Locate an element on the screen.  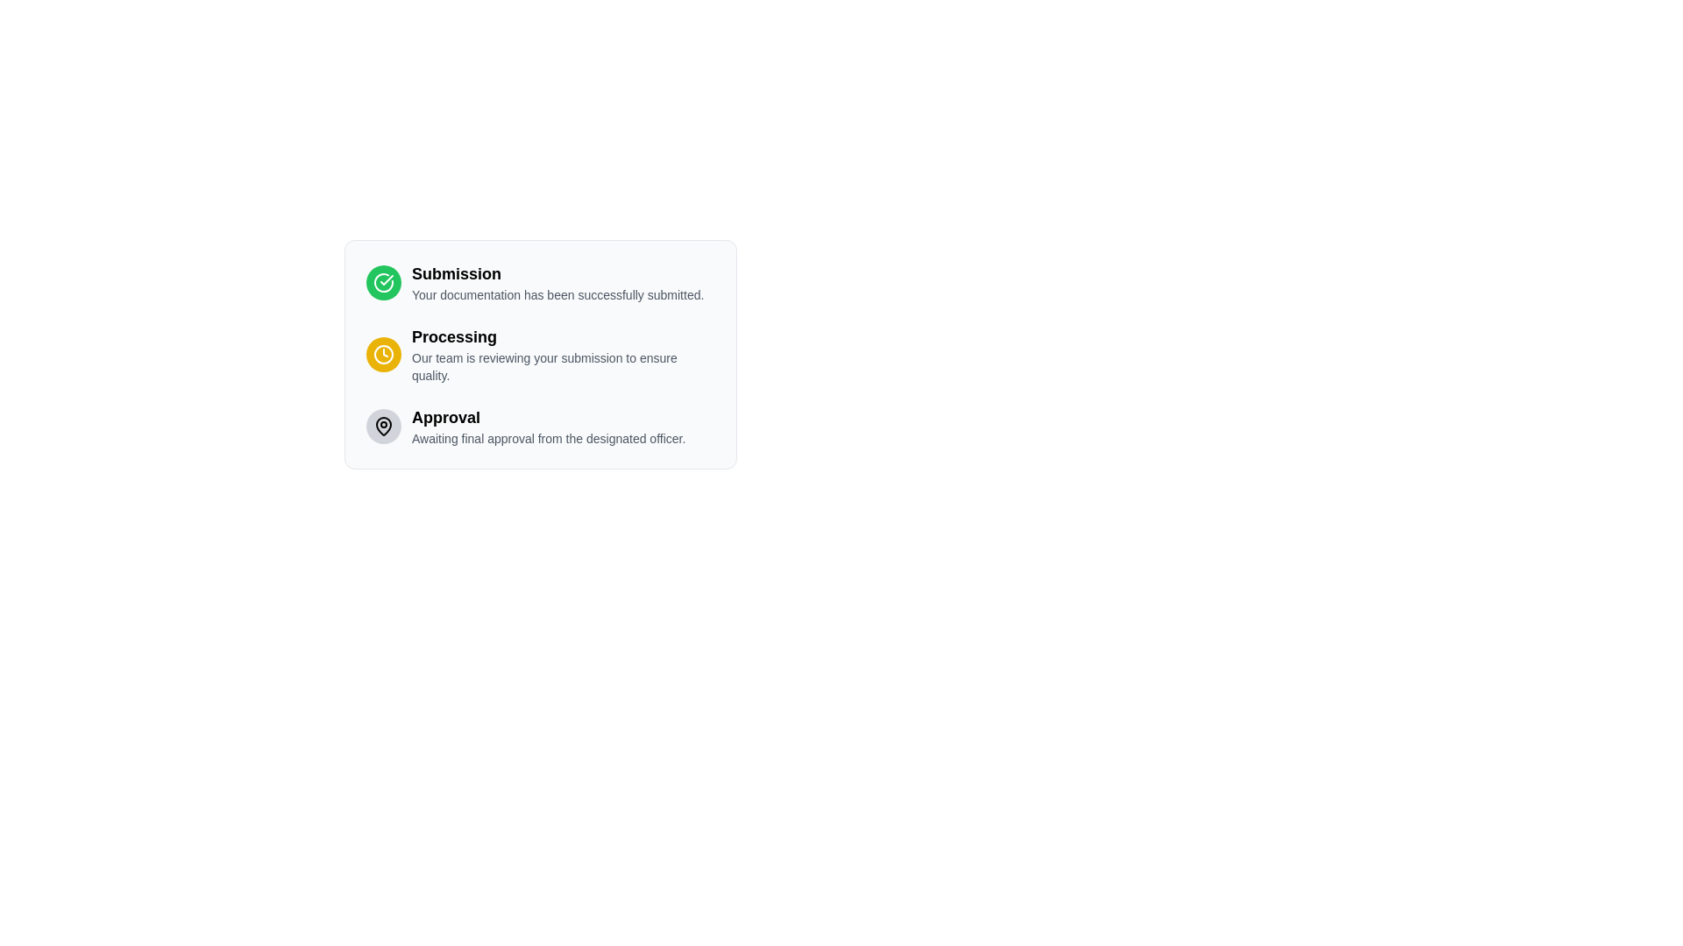
the informational text block that displays 'Processing' and 'Our team is reviewing your submission to ensure quality.' is located at coordinates (564, 355).